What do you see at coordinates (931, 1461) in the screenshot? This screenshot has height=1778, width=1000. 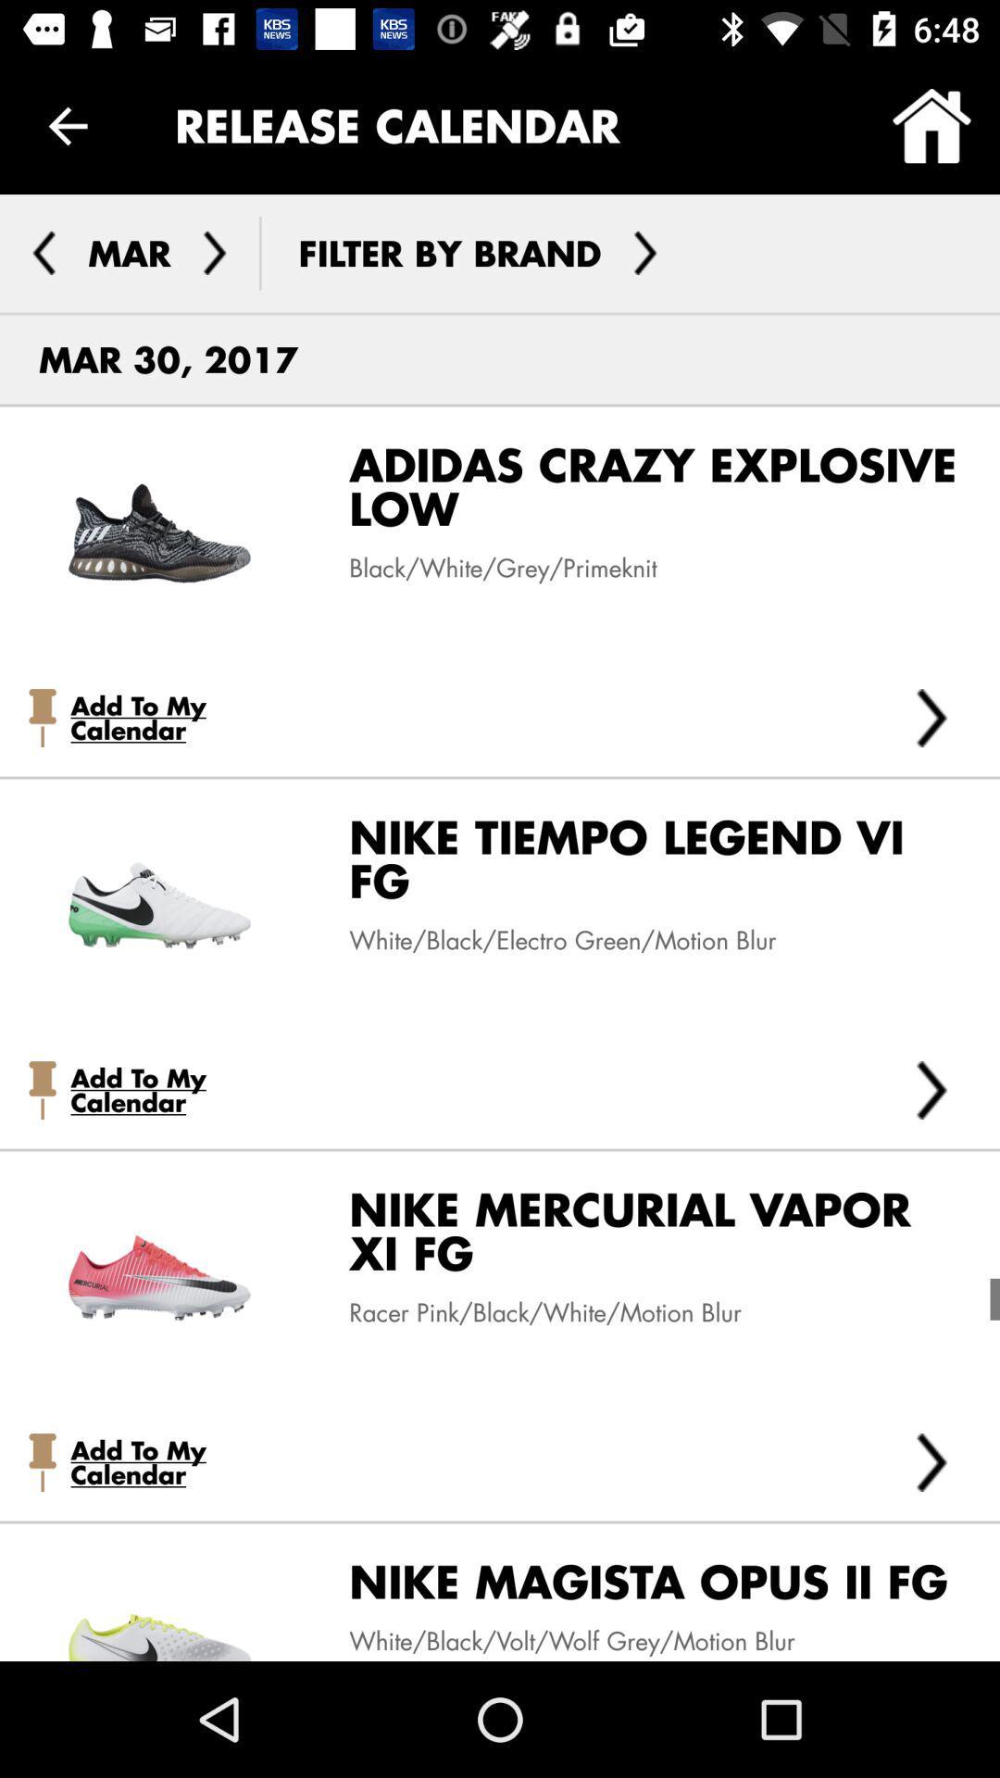 I see `icon at the bottom right corner` at bounding box center [931, 1461].